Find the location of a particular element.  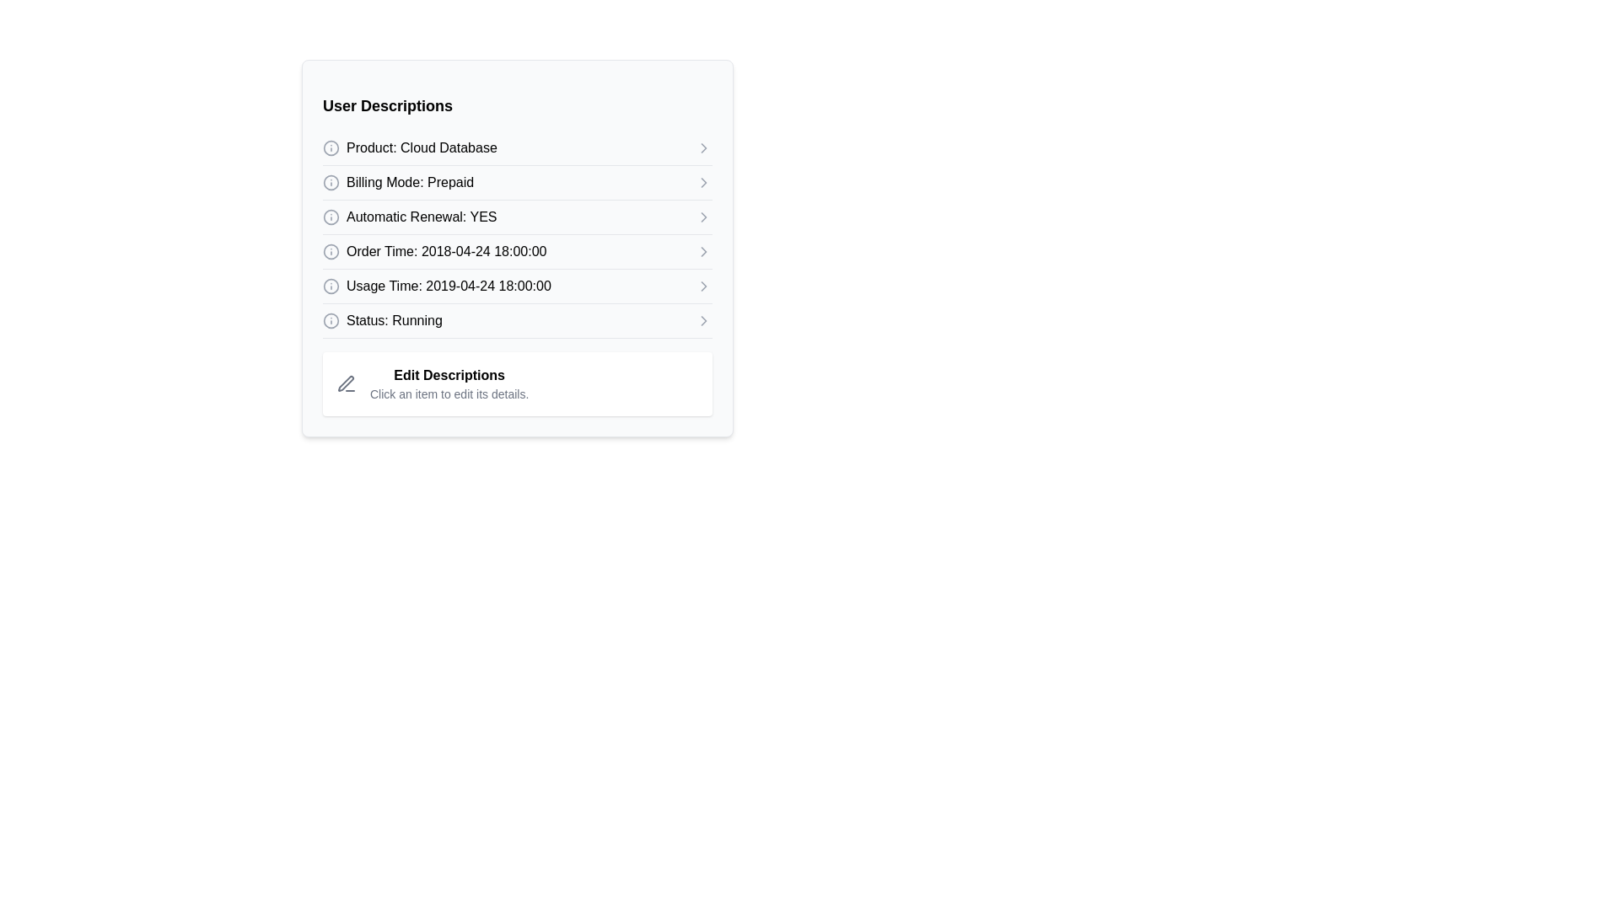

the text label 'Automatic Renewal: YES', which is located in the 'User Descriptions' section, specifically on the third row, between 'Billing Mode: Prepaid' and 'Order Time: 2018-04-24 18:00:00' is located at coordinates (422, 217).